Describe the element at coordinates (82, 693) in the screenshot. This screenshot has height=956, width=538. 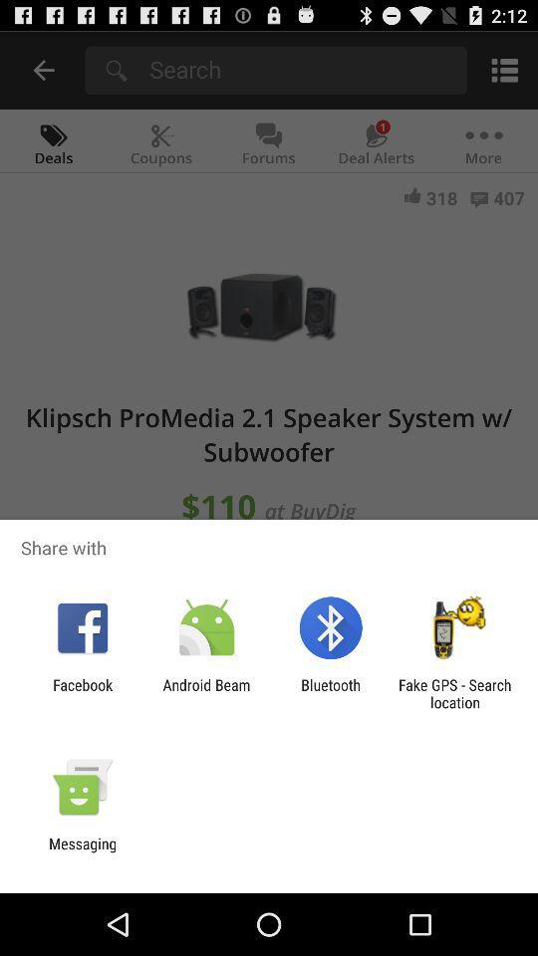
I see `app next to android beam icon` at that location.